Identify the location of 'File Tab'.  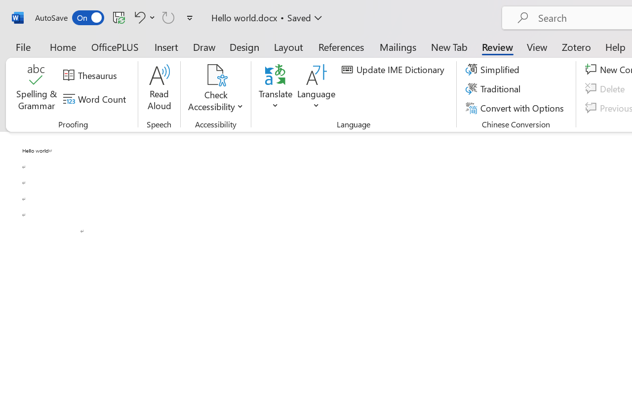
(23, 46).